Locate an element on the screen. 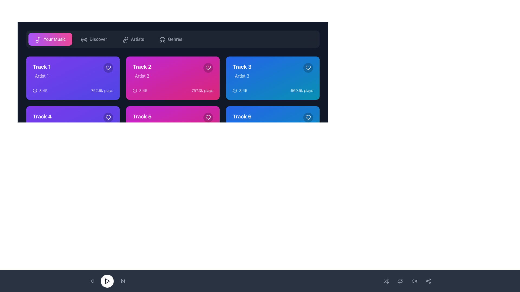  the circular favorite button with a white heart icon located at the top-right corner of the rectangle for 'Track 2' by 'Artist 2' is located at coordinates (208, 67).